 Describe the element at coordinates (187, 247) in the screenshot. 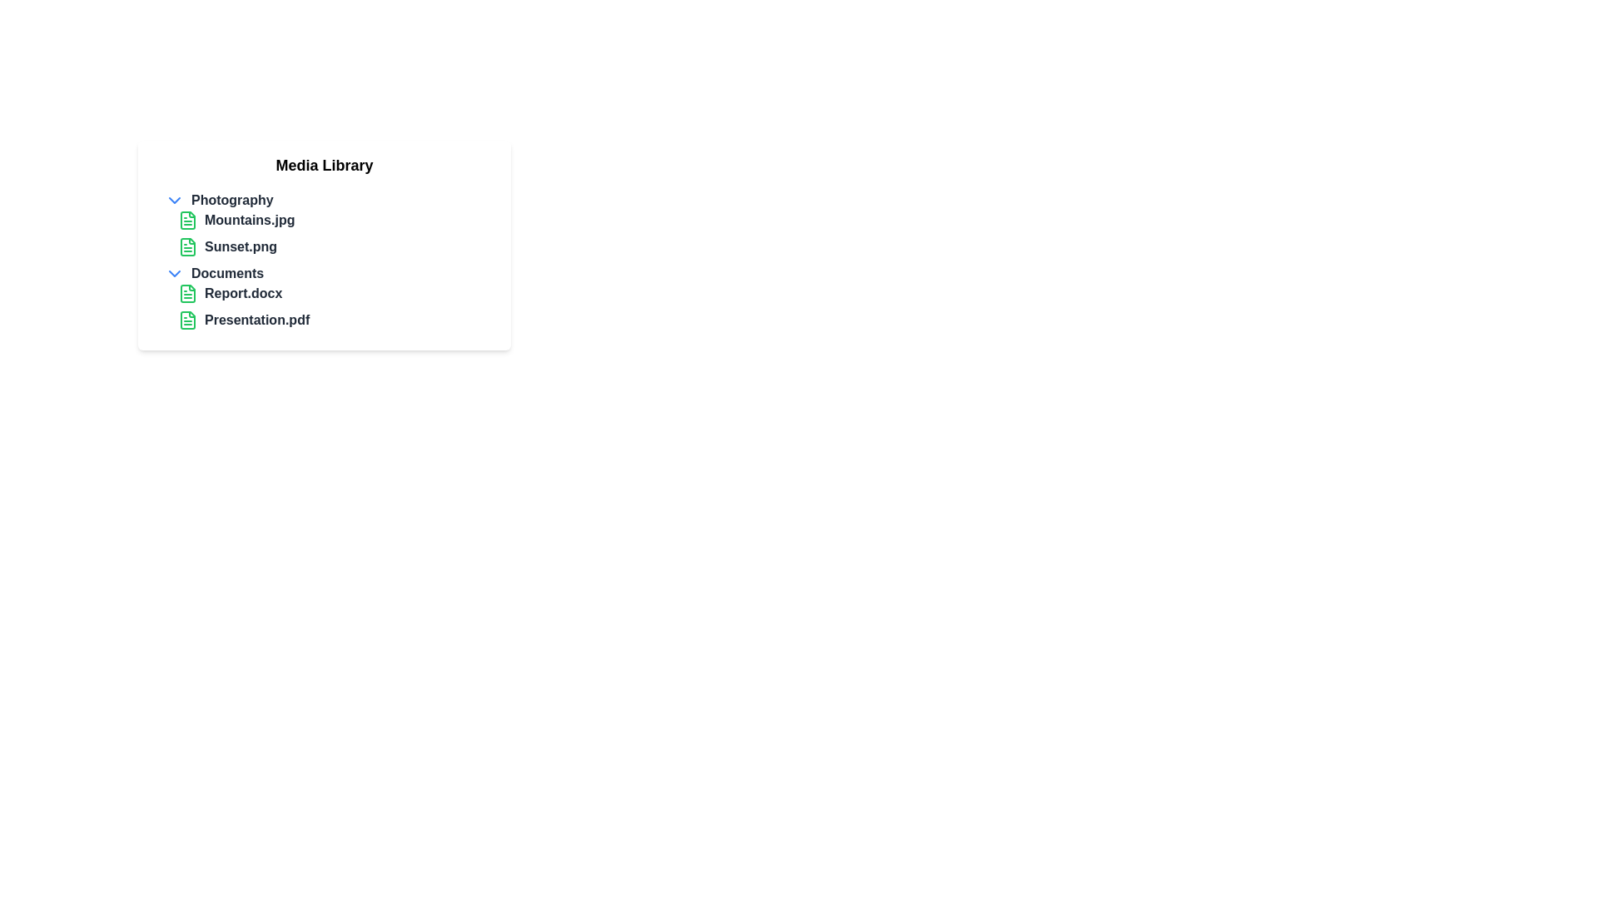

I see `the representational icon for the text document associated with 'Sunset.png' located in the 'Photography' section of the 'Media Library'` at that location.